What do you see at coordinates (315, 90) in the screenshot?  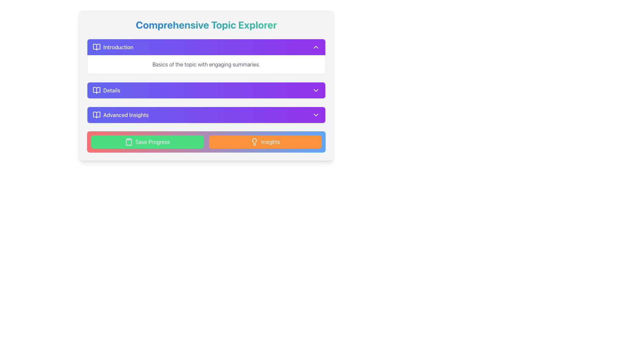 I see `the icon on the right side of the 'Details' section header` at bounding box center [315, 90].